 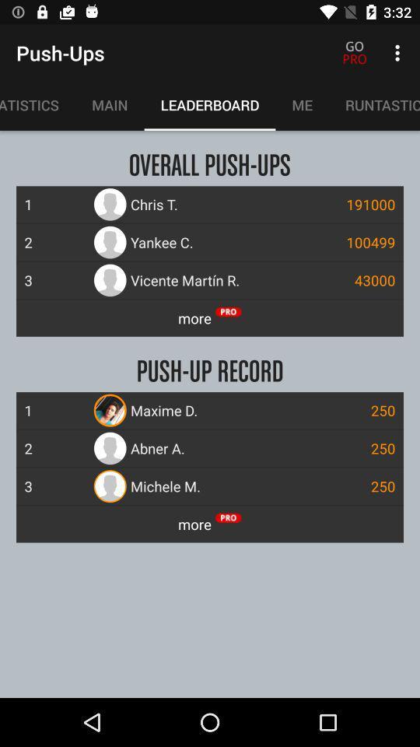 I want to click on item above the chris t., so click(x=373, y=104).